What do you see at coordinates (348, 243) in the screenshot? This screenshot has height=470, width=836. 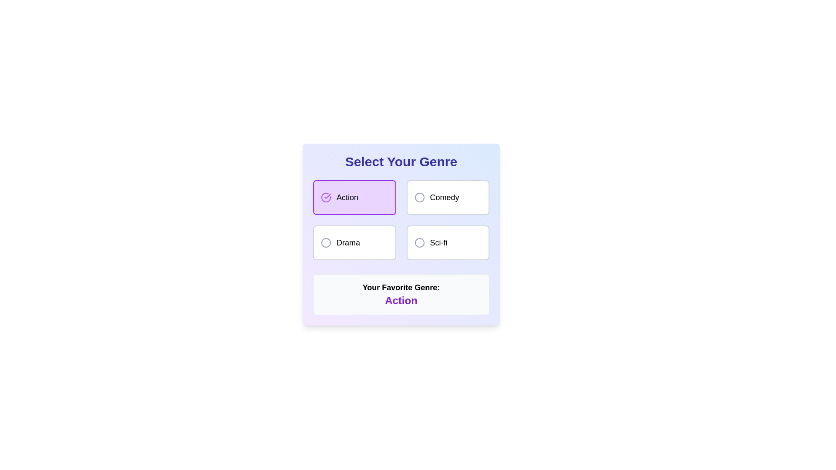 I see `the text label displaying 'Drama' located in the bottom-left card of the genre options grid, adjacent to the circular radio button` at bounding box center [348, 243].